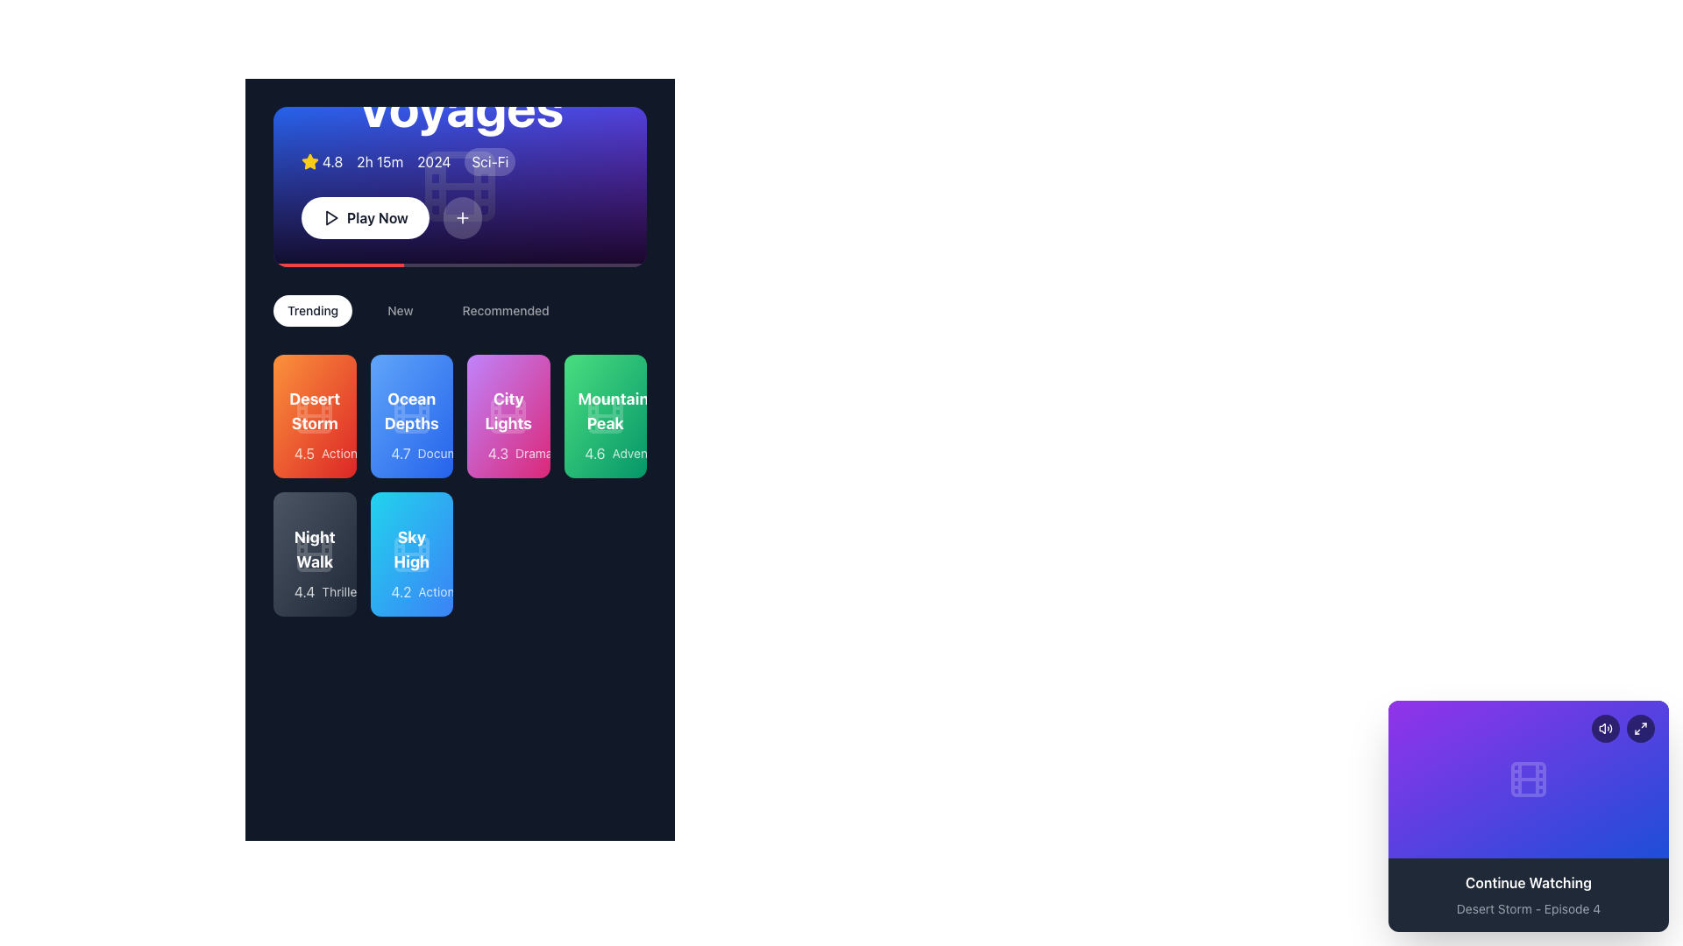  I want to click on the Static Text Label that displays 'Continue Watching', which is styled in bold white text against a dark background and is positioned above the subtitle 'Desert Storm - Episode 4', so click(1527, 882).